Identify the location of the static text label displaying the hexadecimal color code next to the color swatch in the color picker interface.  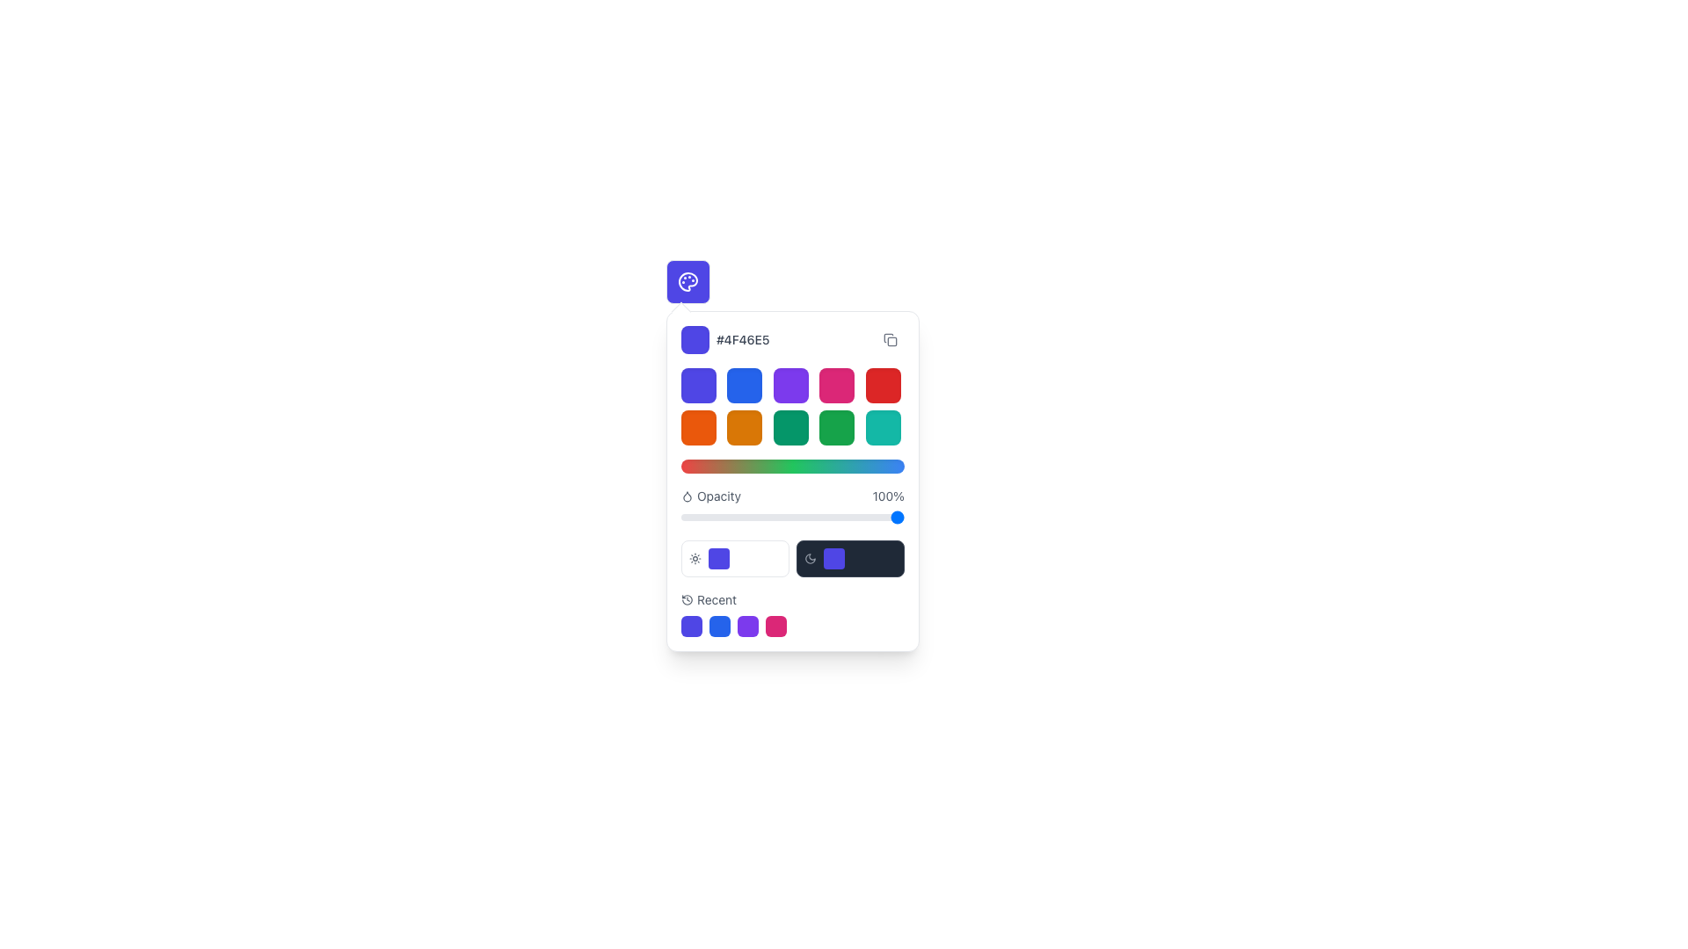
(743, 339).